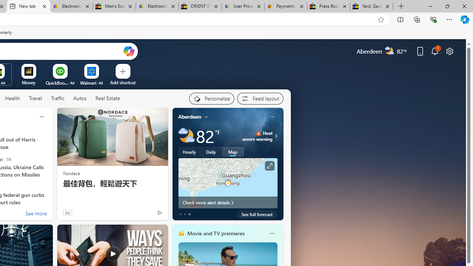 Image resolution: width=473 pixels, height=266 pixels. What do you see at coordinates (206, 116) in the screenshot?
I see `'My location'` at bounding box center [206, 116].